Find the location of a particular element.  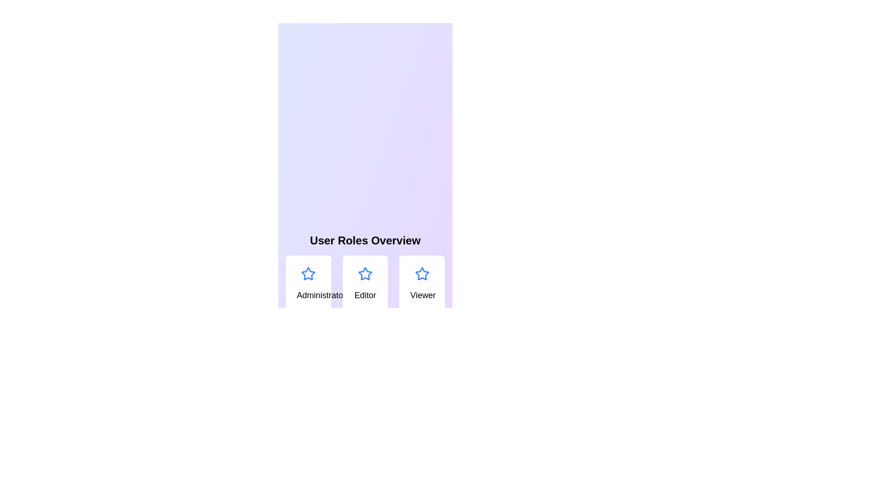

decorative icon located beneath the 'Administrator' label, which serves as a visual indicator for user role or selection option is located at coordinates (308, 273).